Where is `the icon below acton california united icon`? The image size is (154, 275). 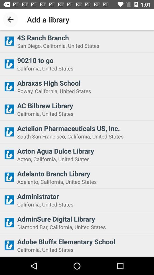
the icon below acton california united icon is located at coordinates (84, 173).